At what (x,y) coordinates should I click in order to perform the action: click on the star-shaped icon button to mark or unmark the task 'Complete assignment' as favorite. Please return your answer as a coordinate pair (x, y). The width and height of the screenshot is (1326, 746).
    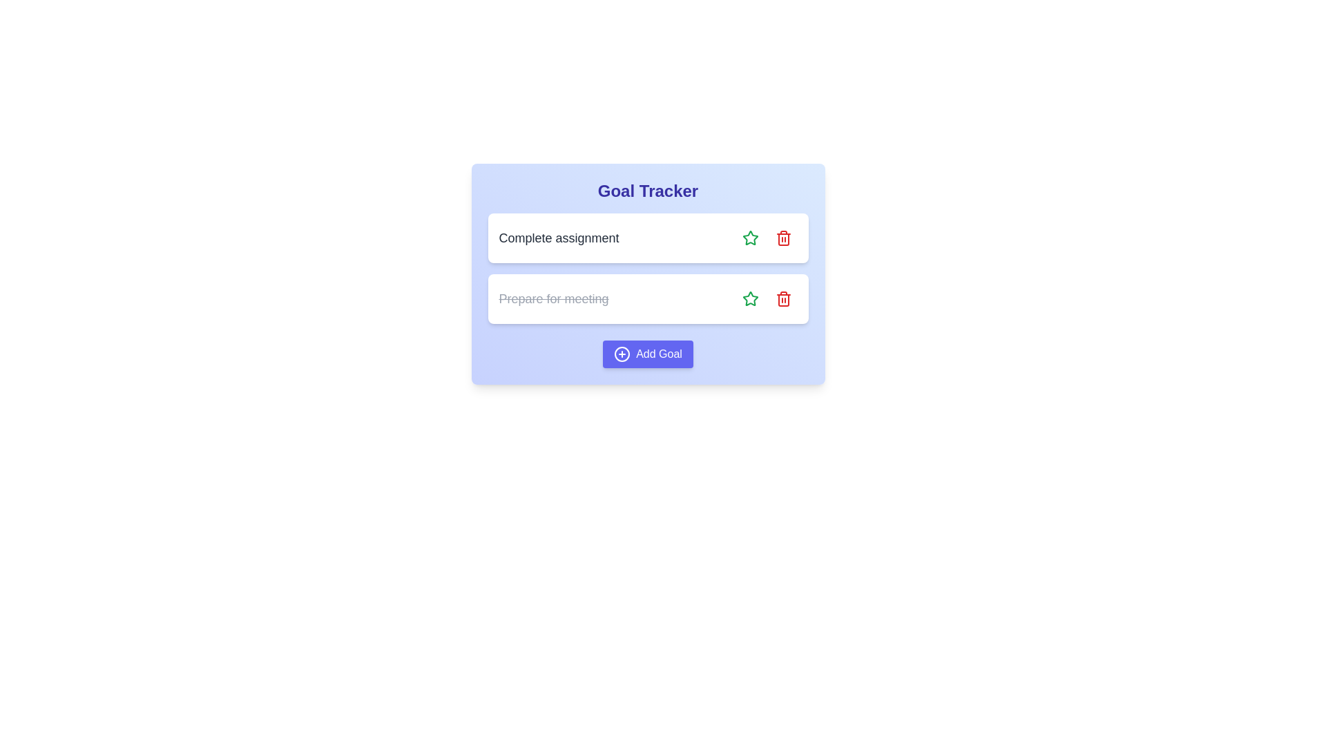
    Looking at the image, I should click on (749, 237).